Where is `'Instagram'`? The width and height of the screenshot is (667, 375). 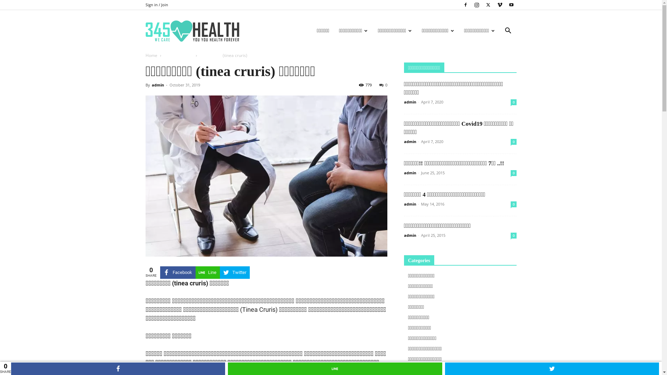 'Instagram' is located at coordinates (476, 5).